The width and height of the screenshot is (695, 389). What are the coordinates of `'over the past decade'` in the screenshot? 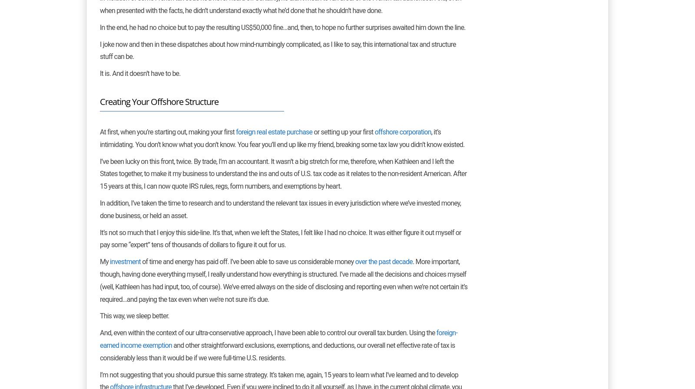 It's located at (383, 262).